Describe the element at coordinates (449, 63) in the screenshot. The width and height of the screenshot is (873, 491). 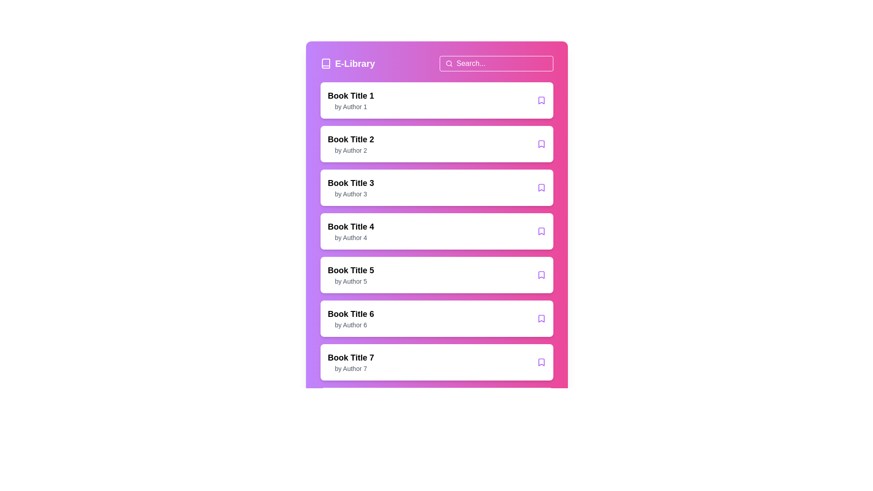
I see `the magnifying glass icon located at the far left inside the search bar, which is styled with a simple wireframe appearance and represents search functionality` at that location.